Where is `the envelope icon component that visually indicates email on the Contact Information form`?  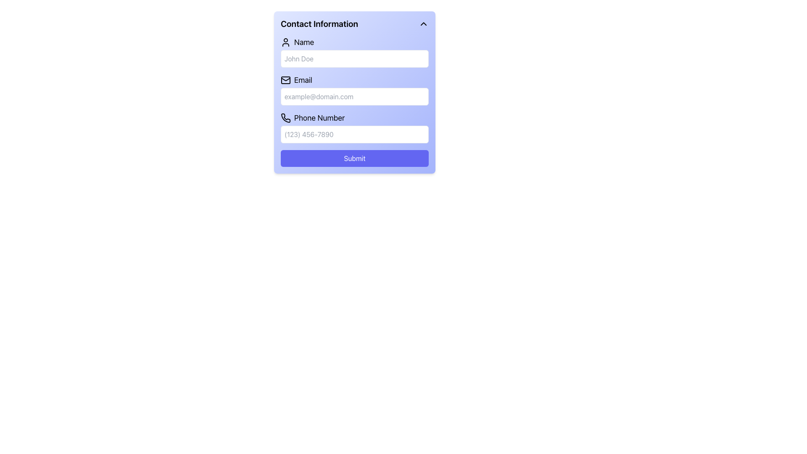 the envelope icon component that visually indicates email on the Contact Information form is located at coordinates (286, 80).